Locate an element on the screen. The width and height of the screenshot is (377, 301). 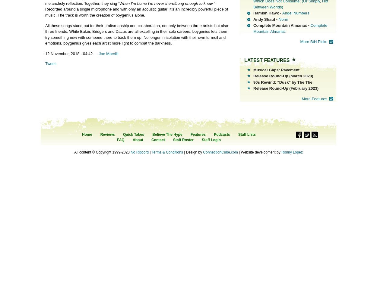
'90s Rewind: "Dusk" by The The' is located at coordinates (283, 82).